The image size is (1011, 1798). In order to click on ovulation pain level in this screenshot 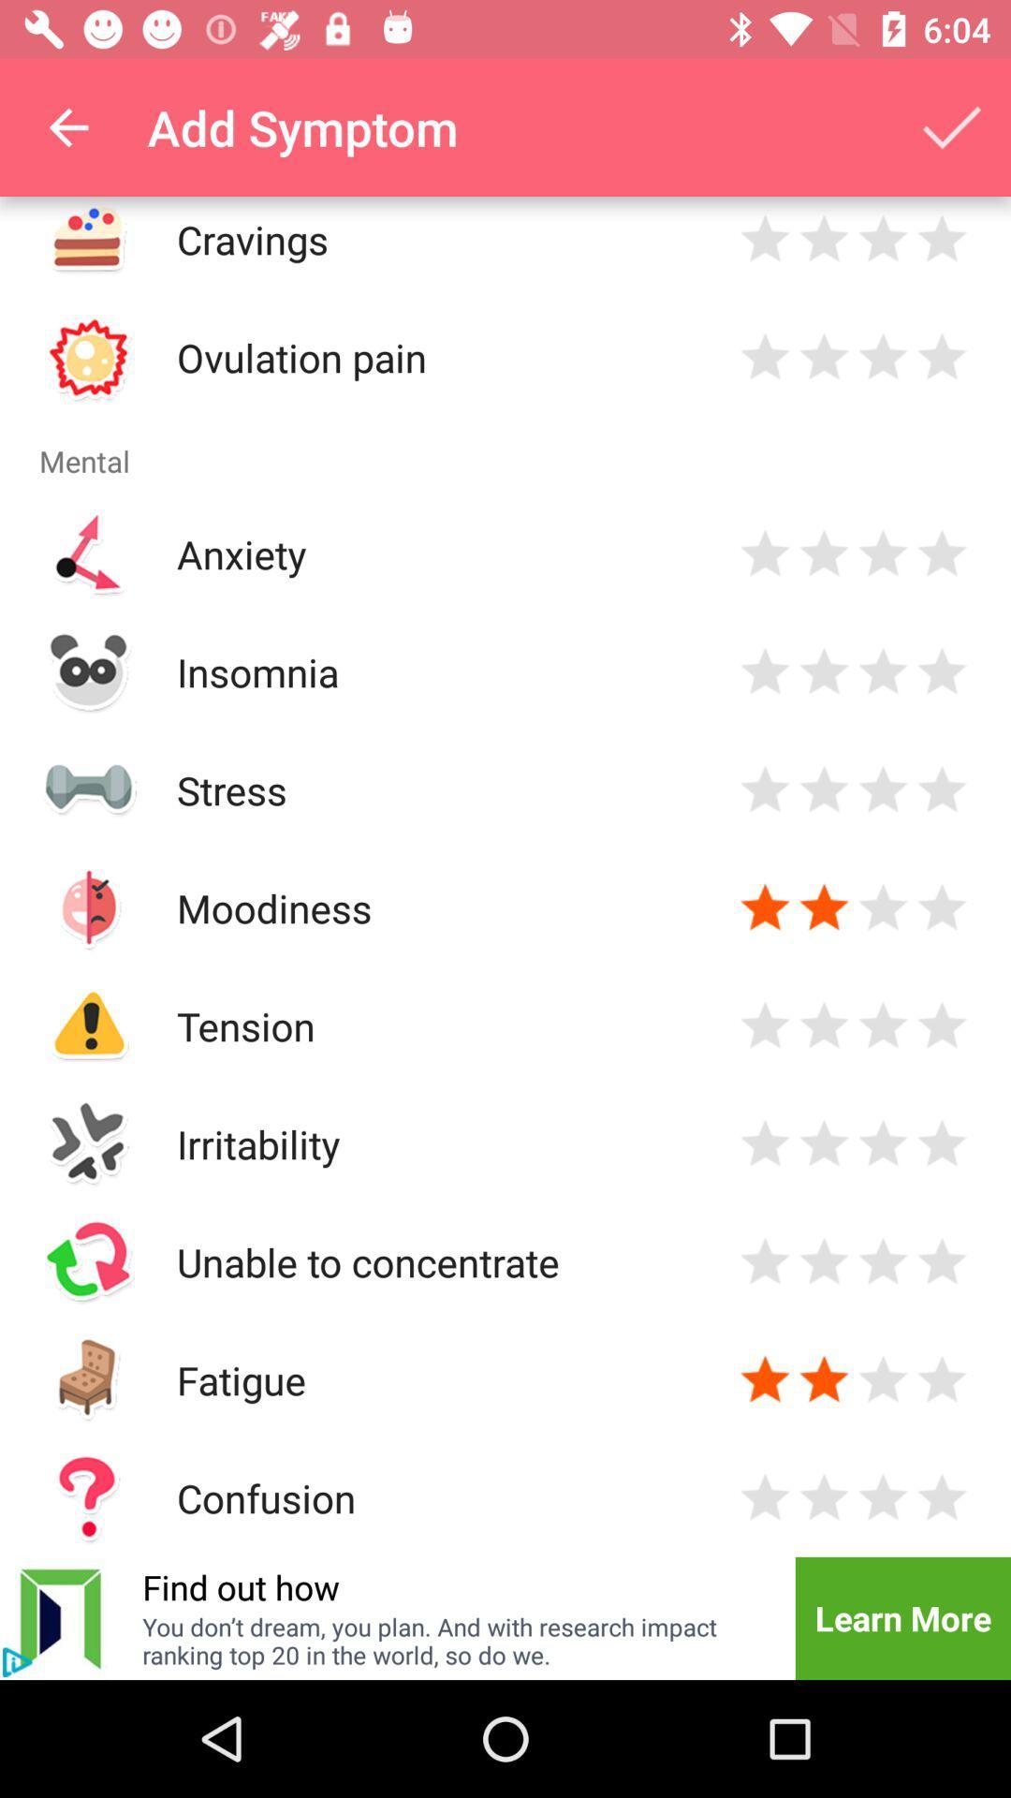, I will do `click(883, 357)`.